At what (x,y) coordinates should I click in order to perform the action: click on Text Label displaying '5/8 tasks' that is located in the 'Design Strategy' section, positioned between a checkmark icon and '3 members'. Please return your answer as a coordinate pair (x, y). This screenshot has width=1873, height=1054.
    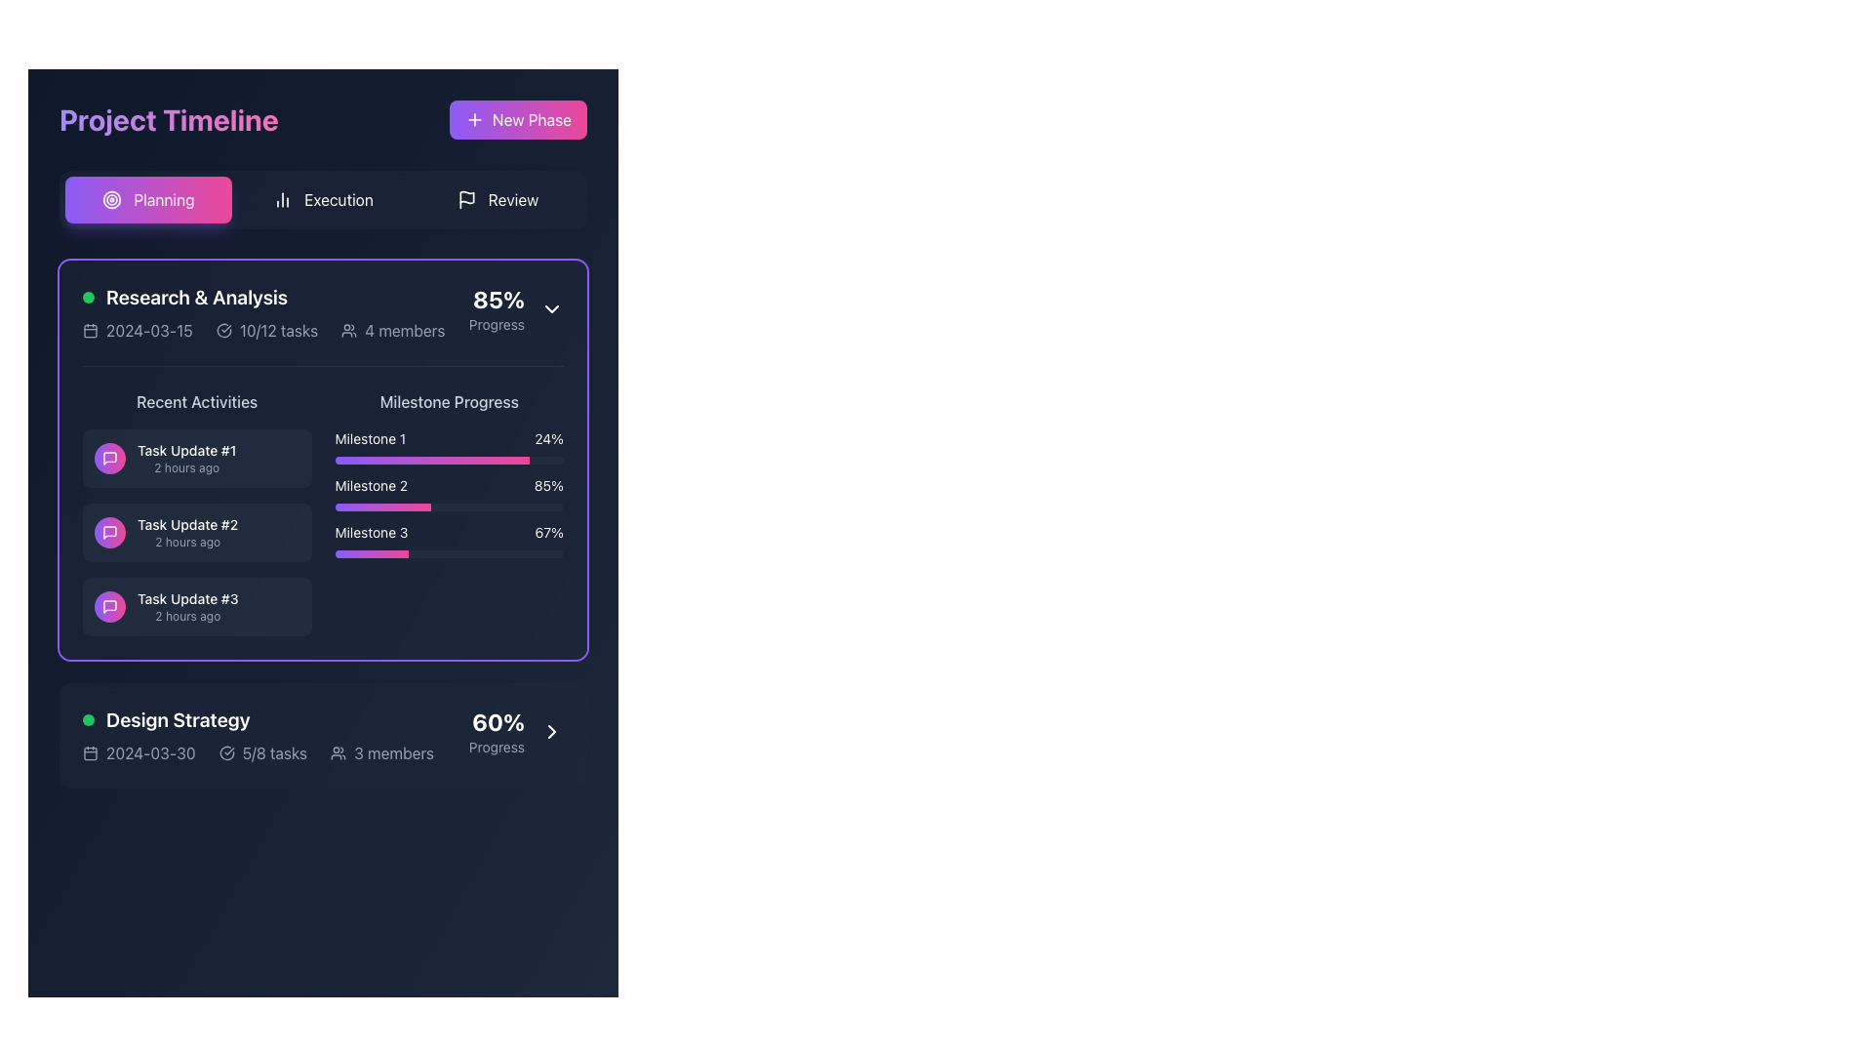
    Looking at the image, I should click on (273, 751).